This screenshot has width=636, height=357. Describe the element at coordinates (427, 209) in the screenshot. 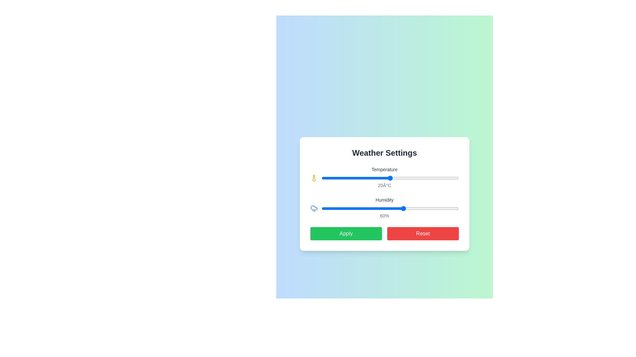

I see `humidity` at that location.